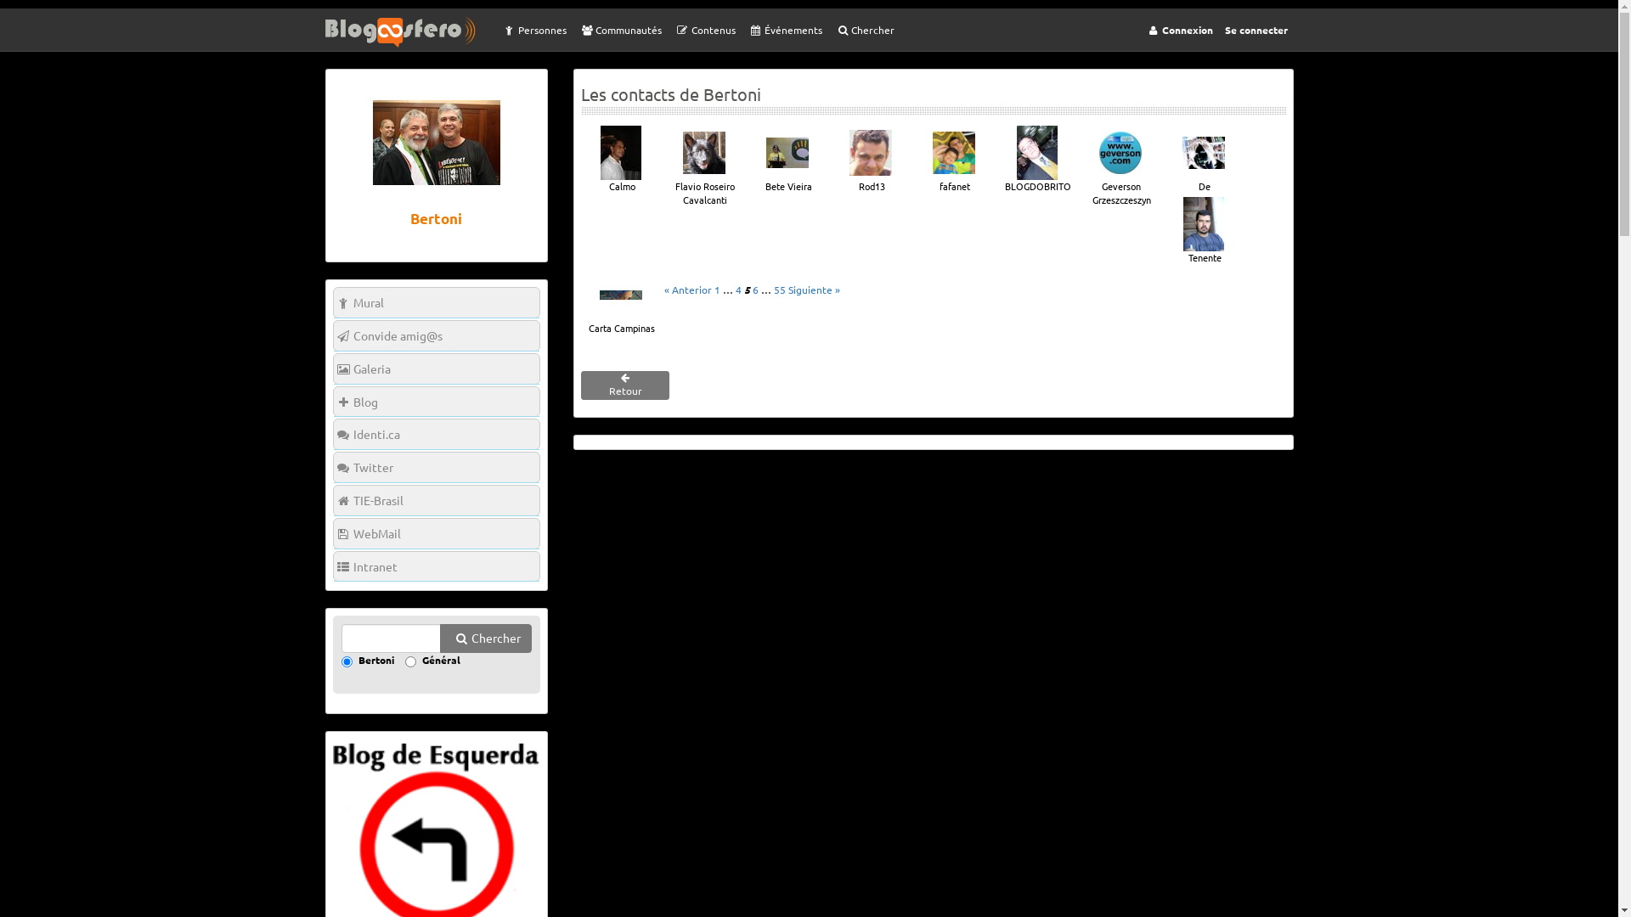 This screenshot has width=1631, height=917. I want to click on 'Se connecter', so click(1256, 29).